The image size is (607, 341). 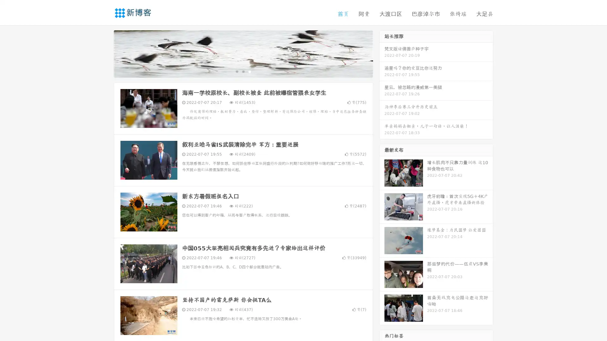 What do you see at coordinates (104, 53) in the screenshot?
I see `Previous slide` at bounding box center [104, 53].